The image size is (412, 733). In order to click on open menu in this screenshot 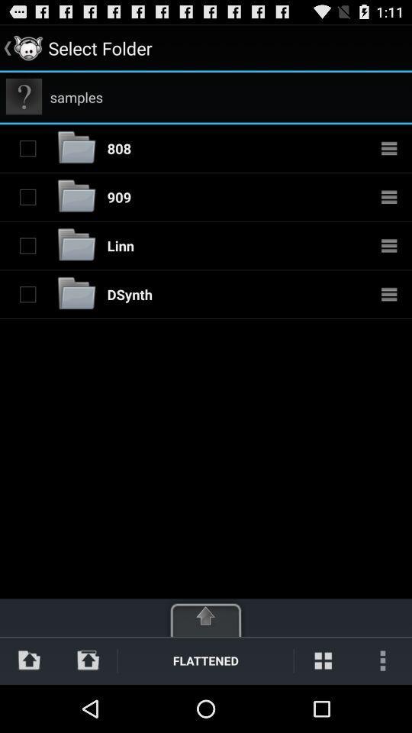, I will do `click(206, 616)`.